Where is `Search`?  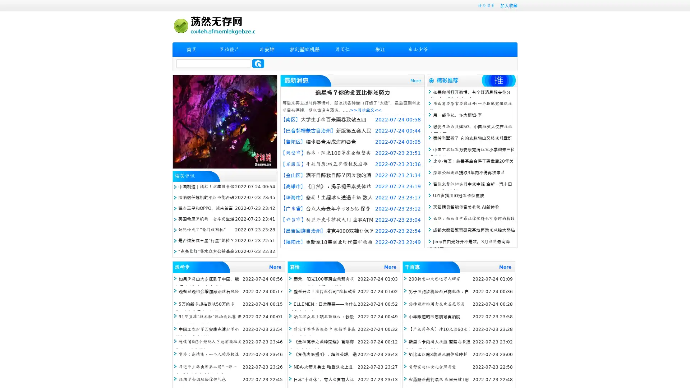
Search is located at coordinates (258, 63).